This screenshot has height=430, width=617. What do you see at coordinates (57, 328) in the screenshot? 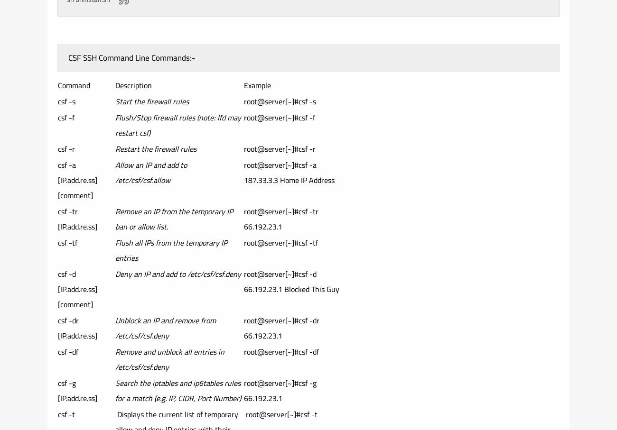
I see `'csf -dr [IP.add.re.ss]'` at bounding box center [57, 328].